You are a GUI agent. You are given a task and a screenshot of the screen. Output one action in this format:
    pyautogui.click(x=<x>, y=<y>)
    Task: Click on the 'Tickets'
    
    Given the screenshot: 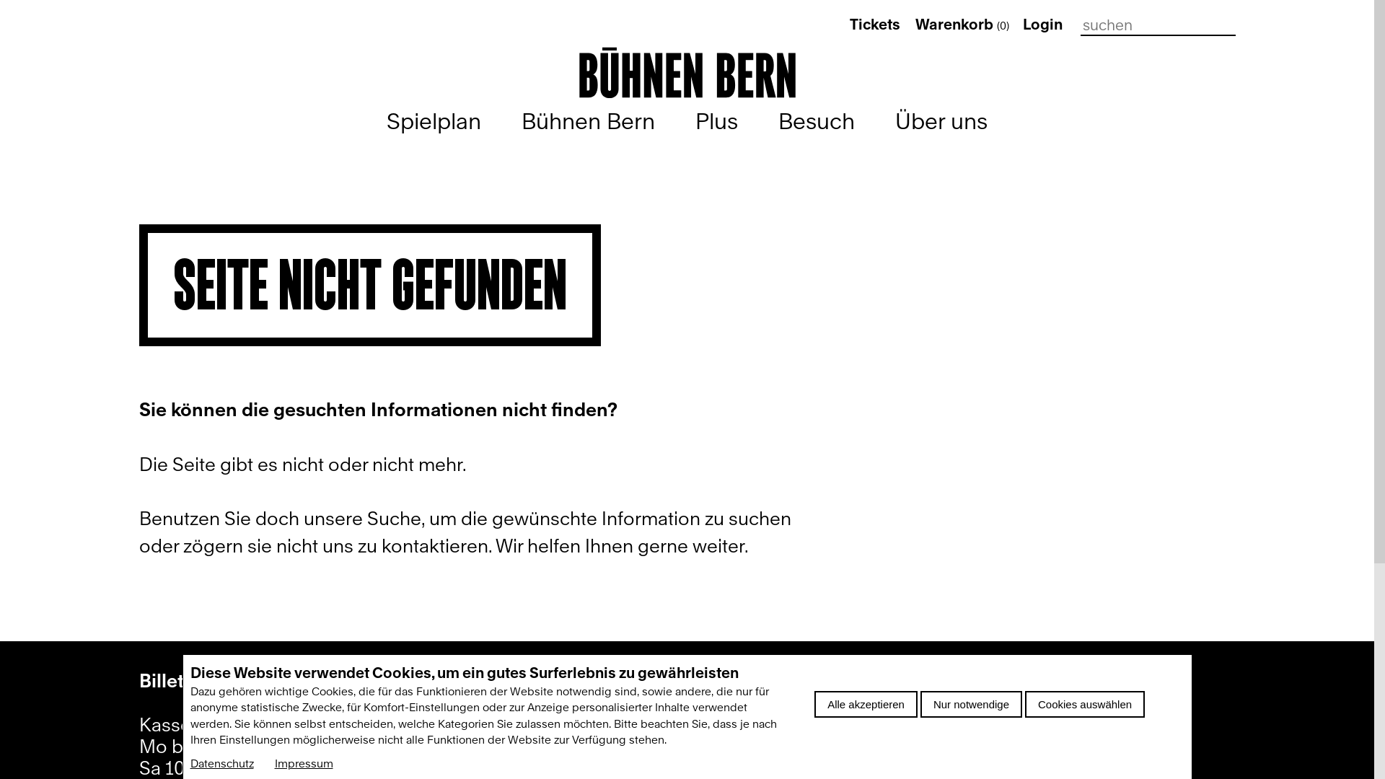 What is the action you would take?
    pyautogui.click(x=849, y=25)
    